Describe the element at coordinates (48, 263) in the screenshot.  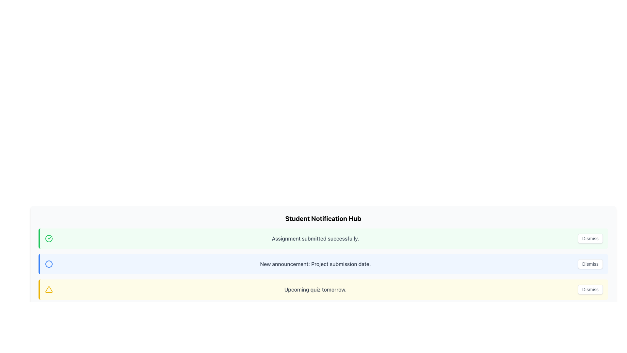
I see `the blue stroke circular outline SVG Circle located in the second notification panel from the top` at that location.